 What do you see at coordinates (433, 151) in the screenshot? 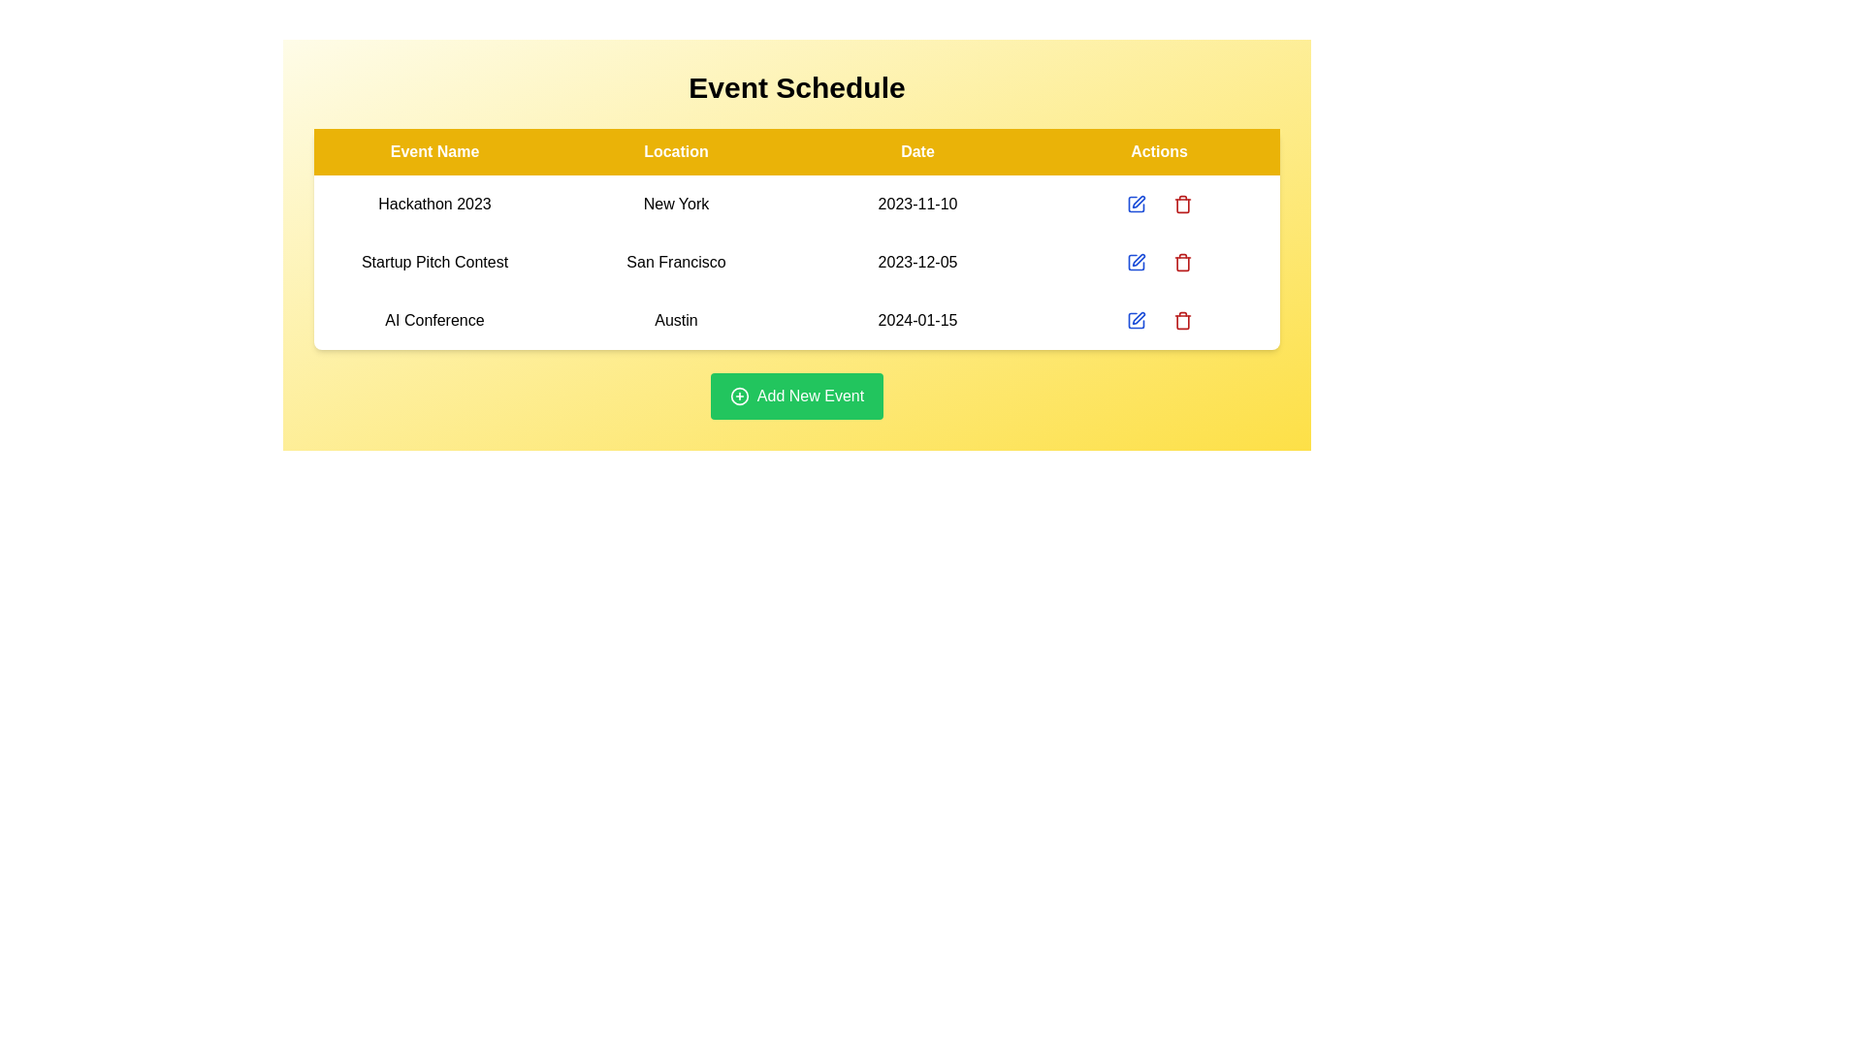
I see `the table header Event Name` at bounding box center [433, 151].